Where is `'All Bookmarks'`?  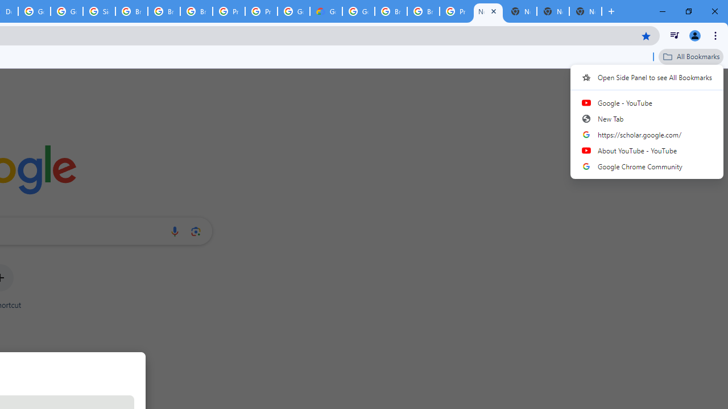 'All Bookmarks' is located at coordinates (690, 56).